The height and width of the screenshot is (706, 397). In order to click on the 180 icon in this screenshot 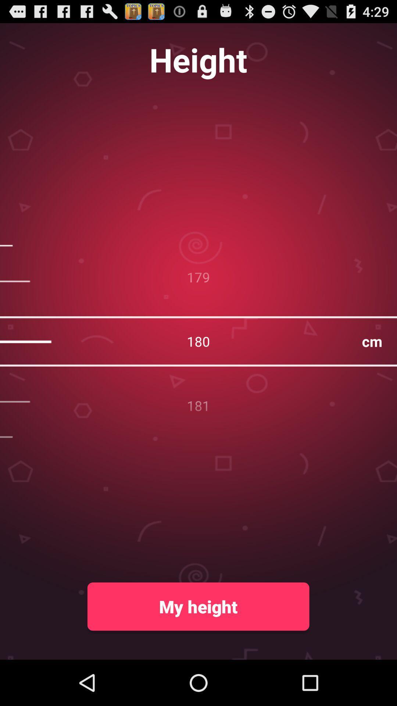, I will do `click(198, 341)`.